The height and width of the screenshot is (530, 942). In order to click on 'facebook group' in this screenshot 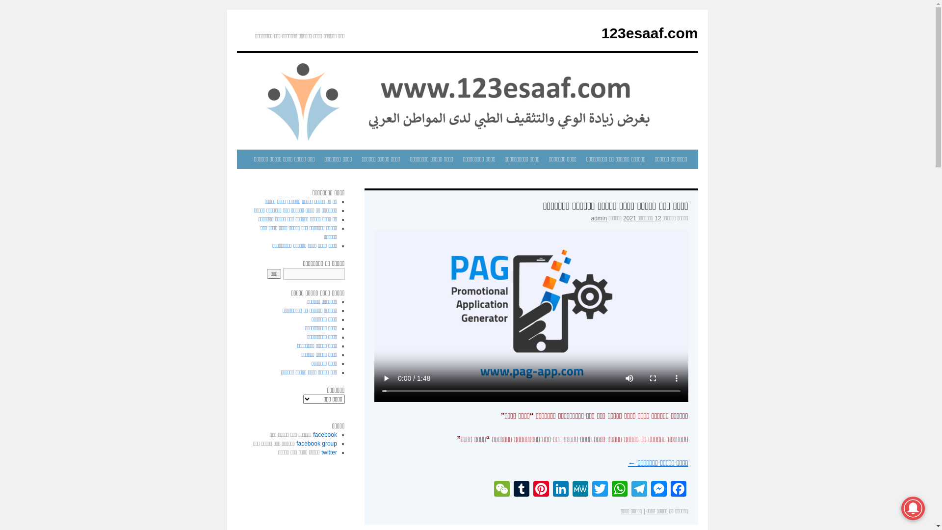, I will do `click(296, 443)`.